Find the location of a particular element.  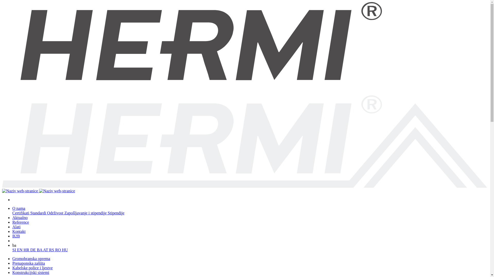

'HU' is located at coordinates (65, 250).